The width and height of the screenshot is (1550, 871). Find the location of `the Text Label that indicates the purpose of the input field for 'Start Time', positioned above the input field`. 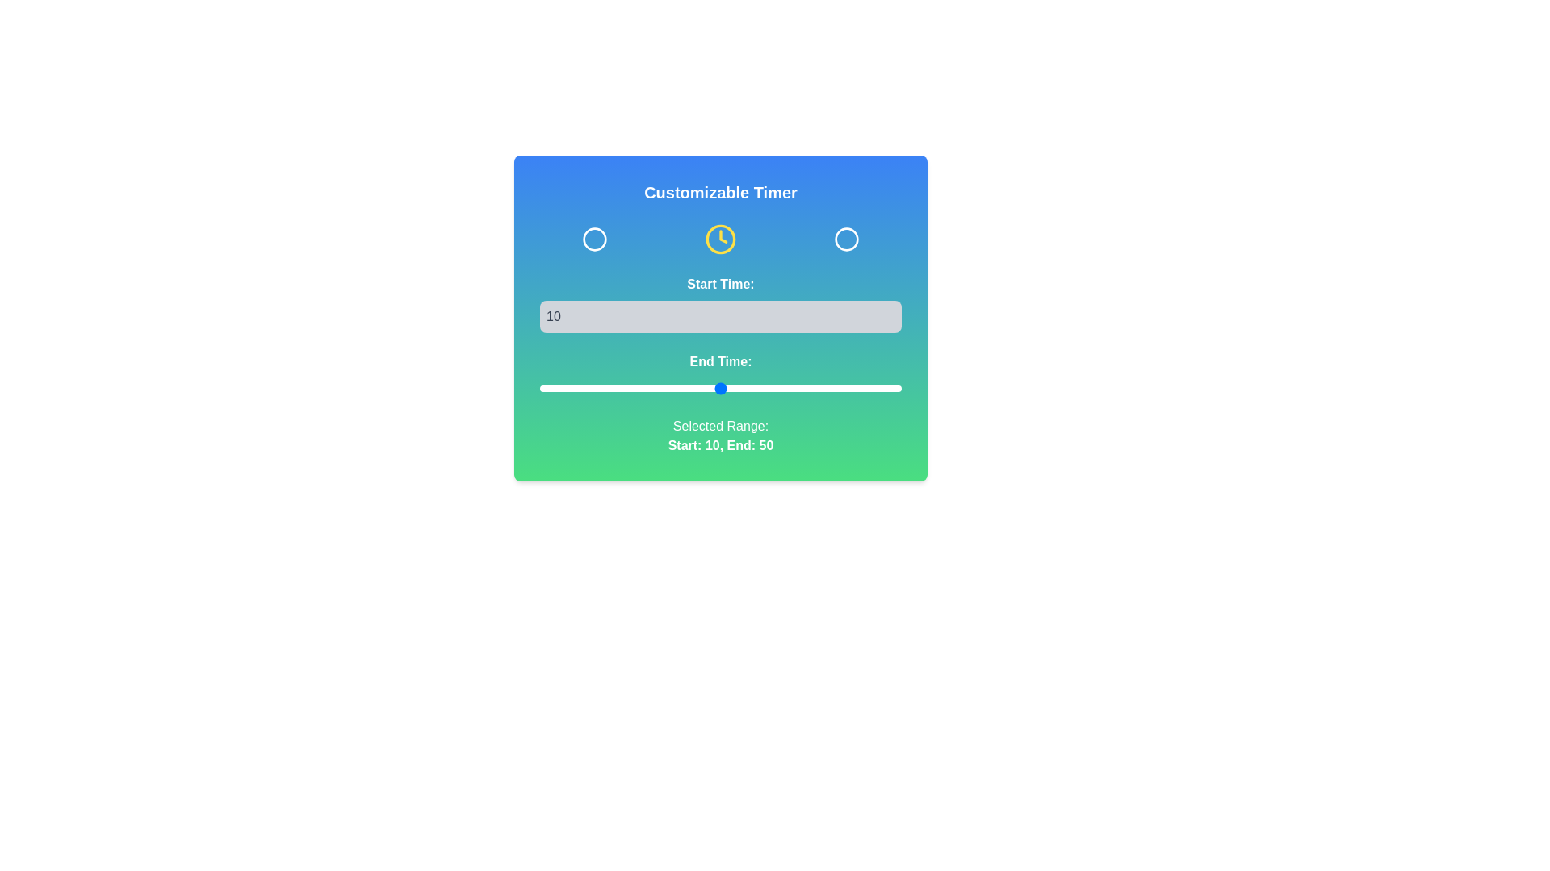

the Text Label that indicates the purpose of the input field for 'Start Time', positioned above the input field is located at coordinates (719, 284).